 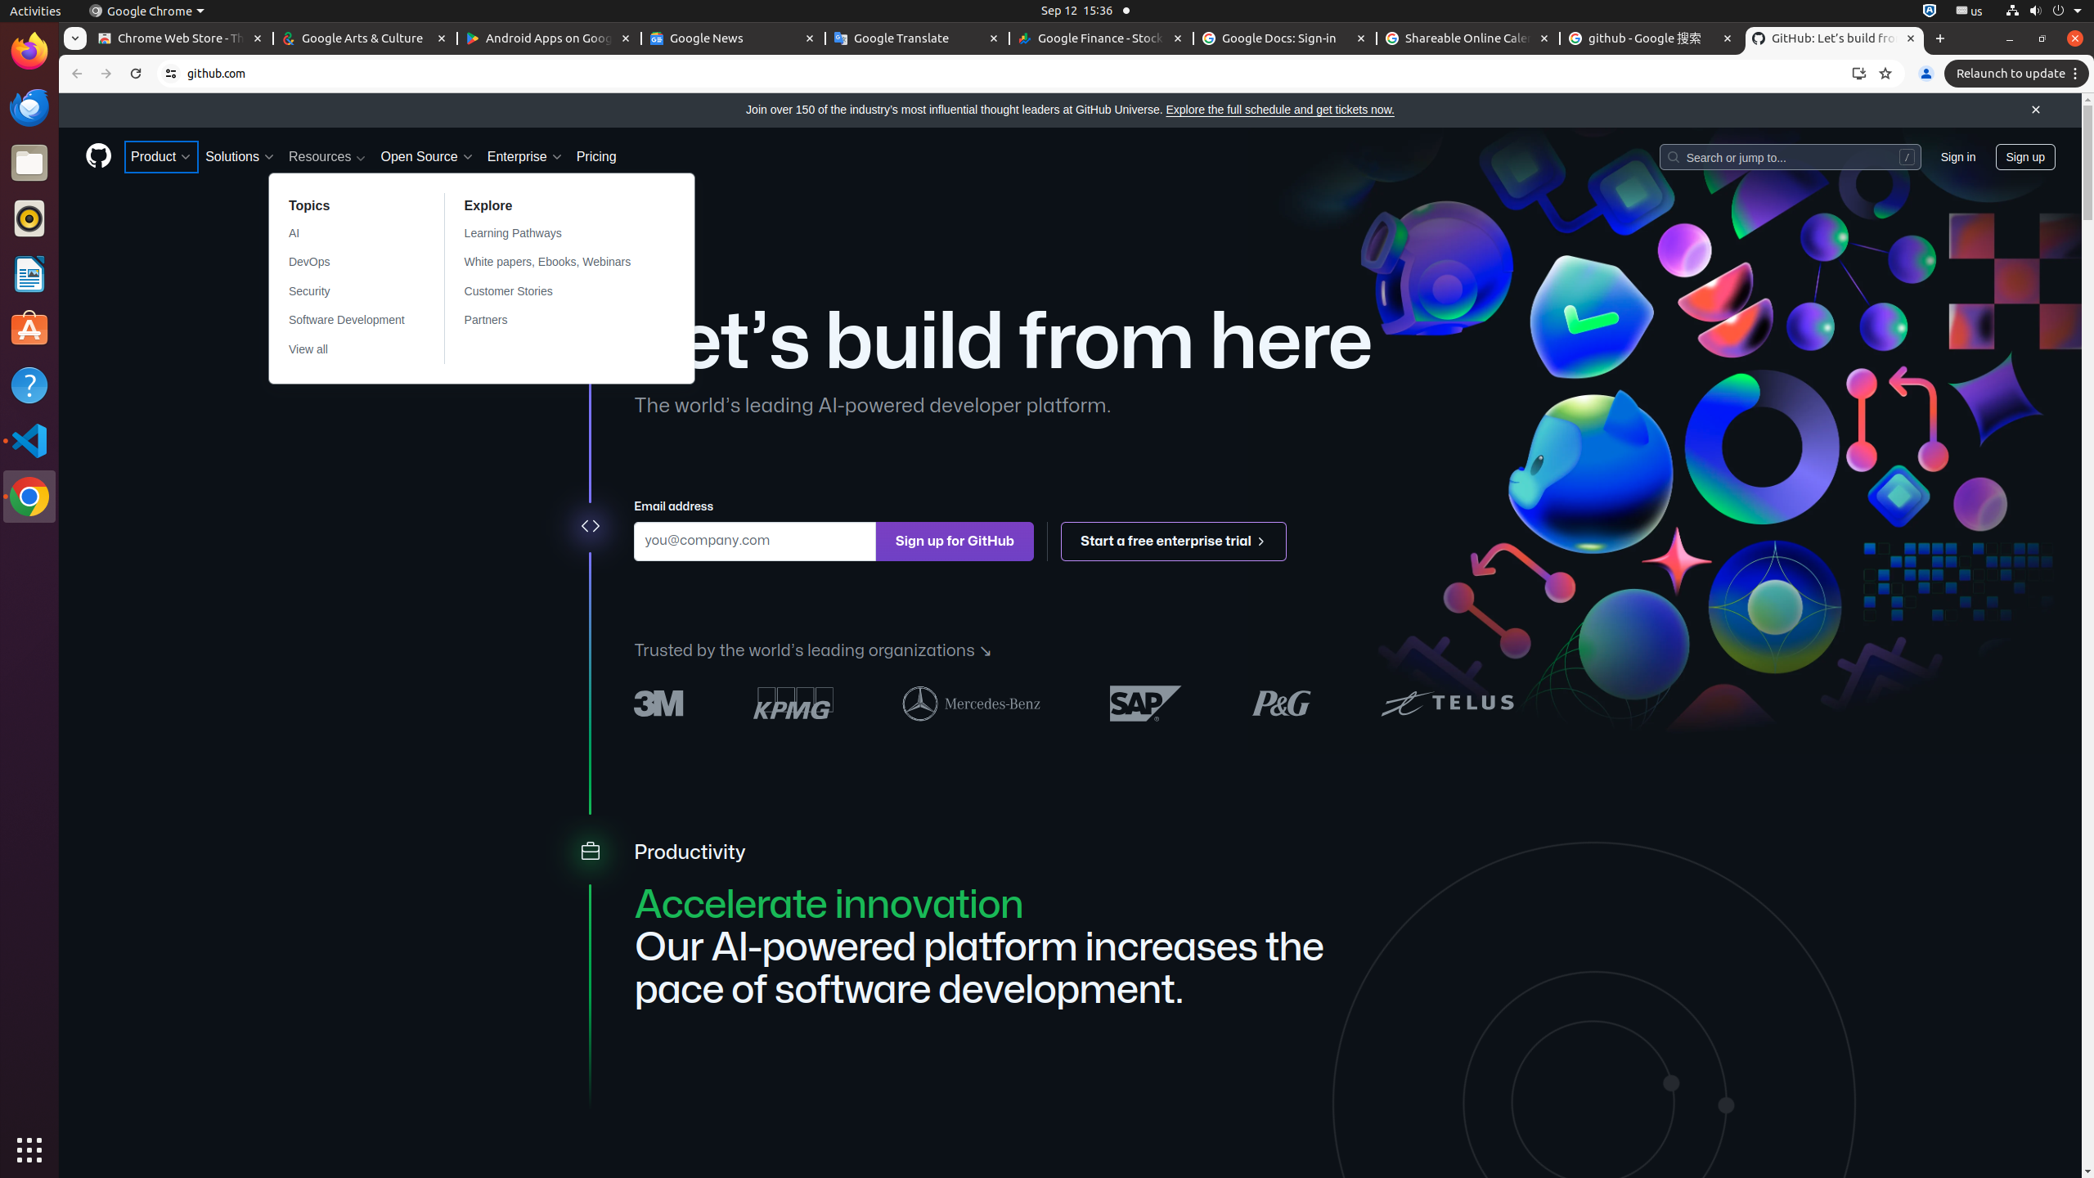 I want to click on 'Firefox Web Browser', so click(x=29, y=50).